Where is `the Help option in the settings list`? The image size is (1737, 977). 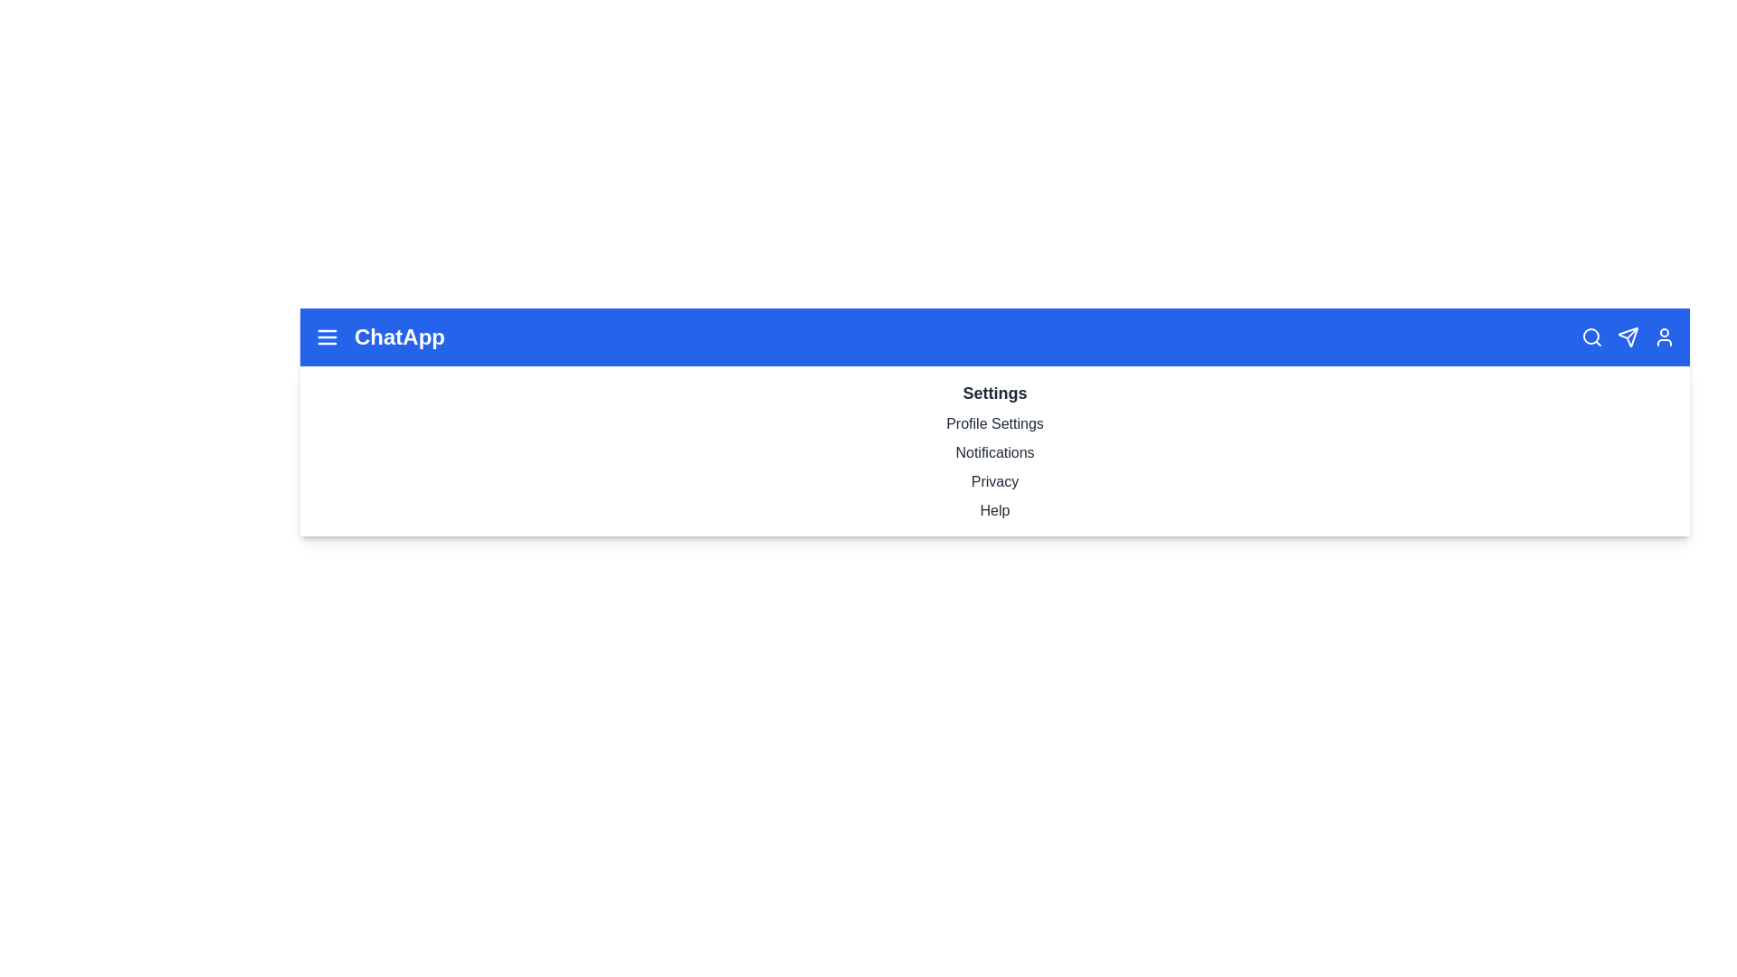
the Help option in the settings list is located at coordinates (993, 510).